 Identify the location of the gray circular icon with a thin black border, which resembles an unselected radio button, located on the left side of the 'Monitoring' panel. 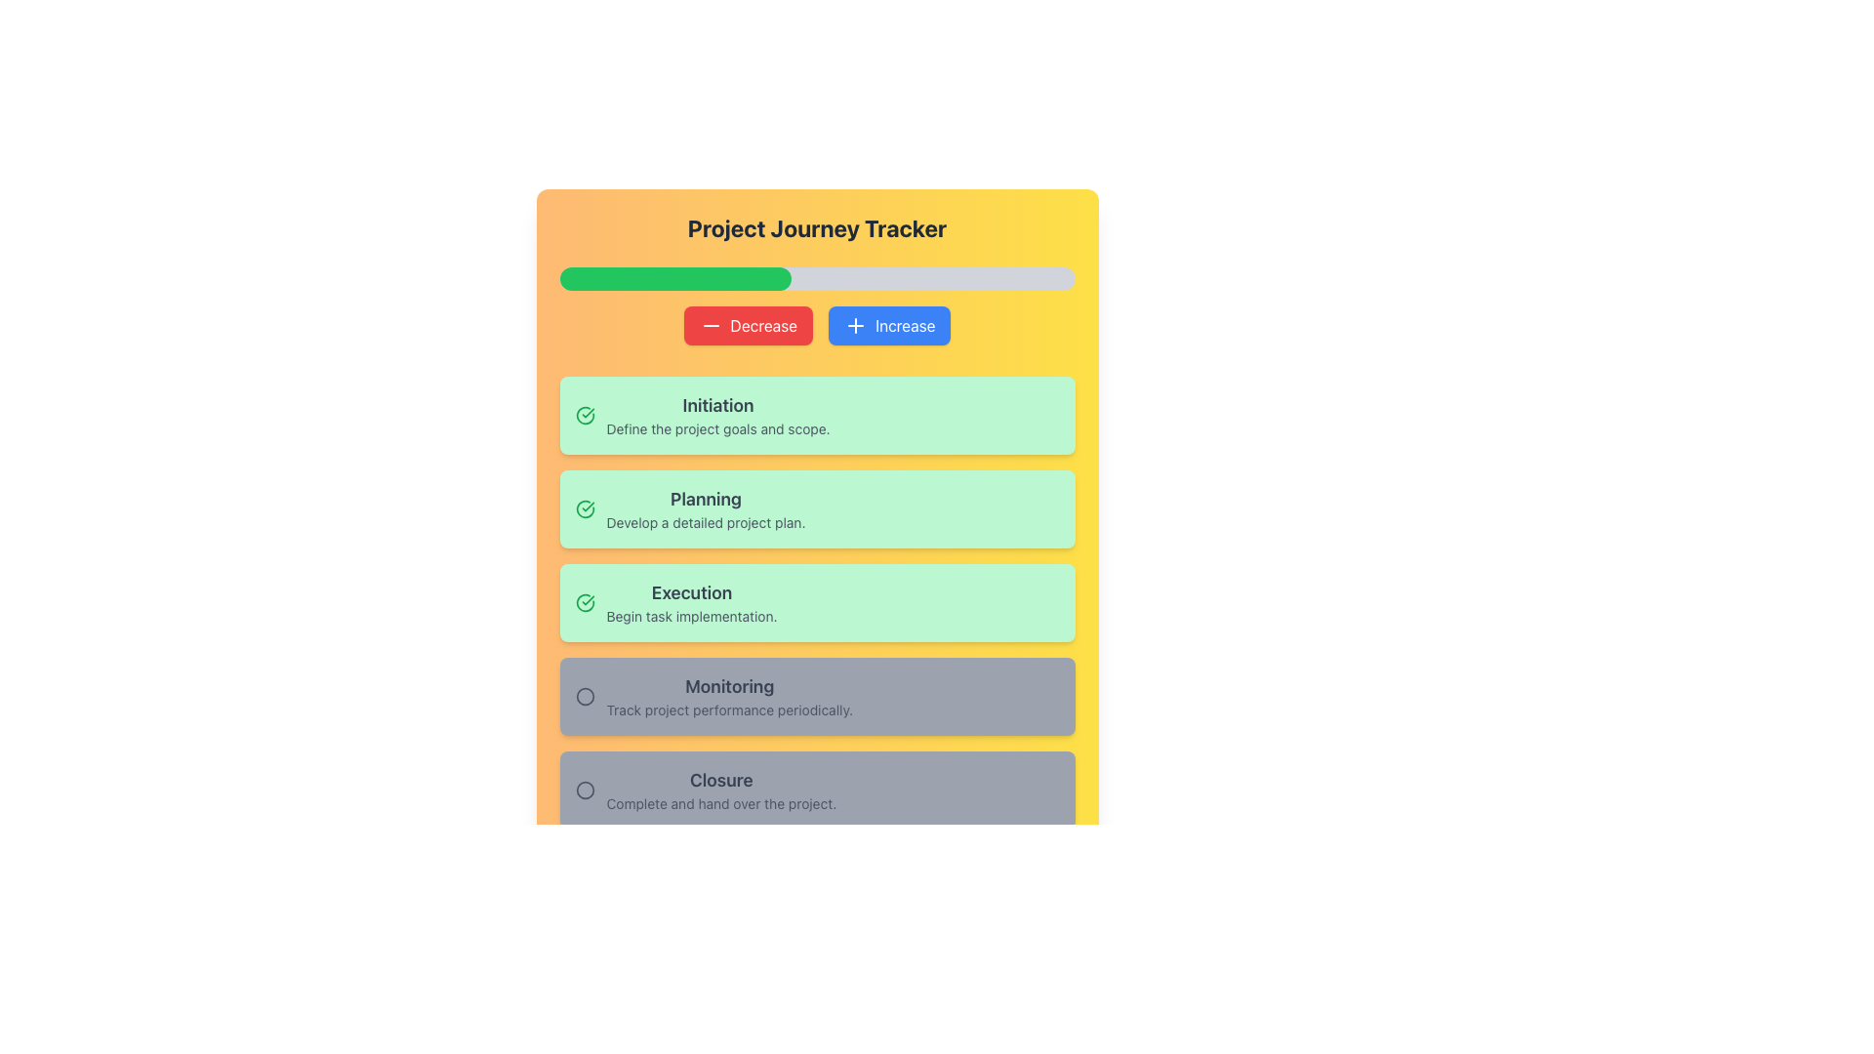
(584, 695).